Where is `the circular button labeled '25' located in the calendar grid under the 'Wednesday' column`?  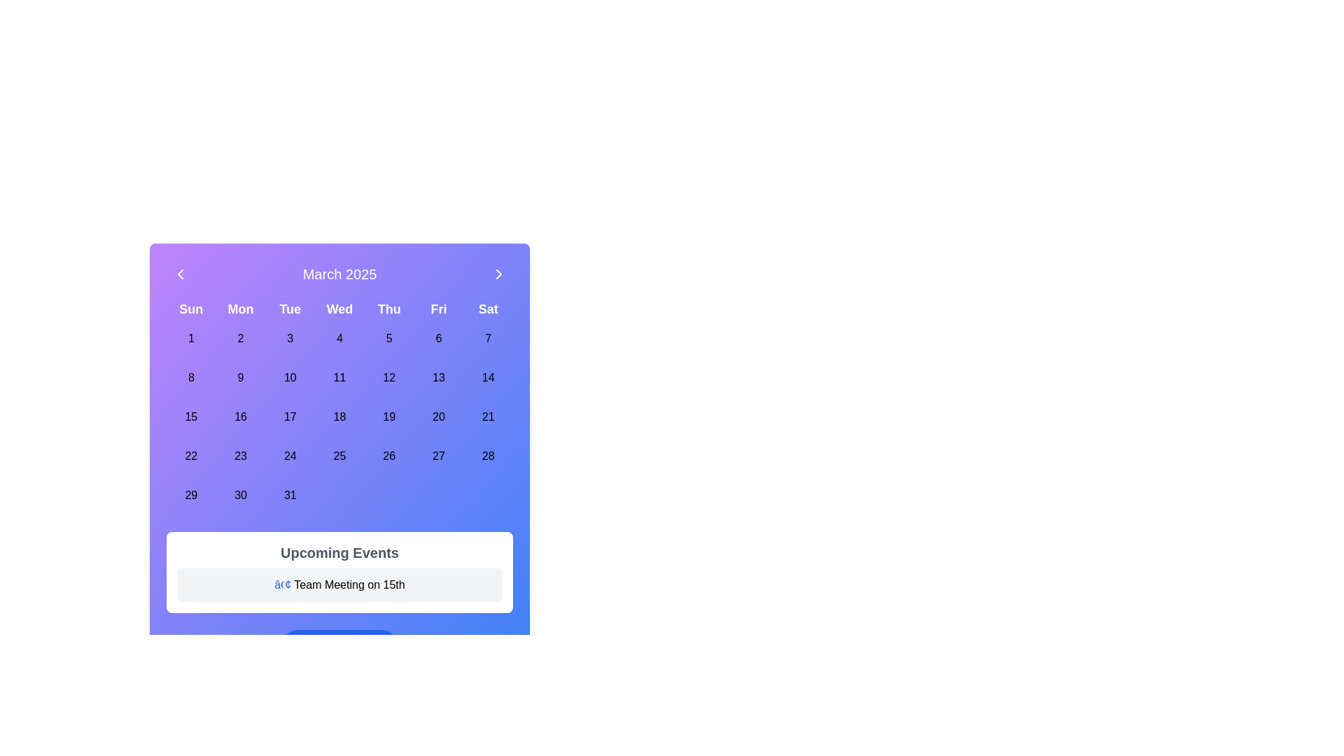
the circular button labeled '25' located in the calendar grid under the 'Wednesday' column is located at coordinates (339, 456).